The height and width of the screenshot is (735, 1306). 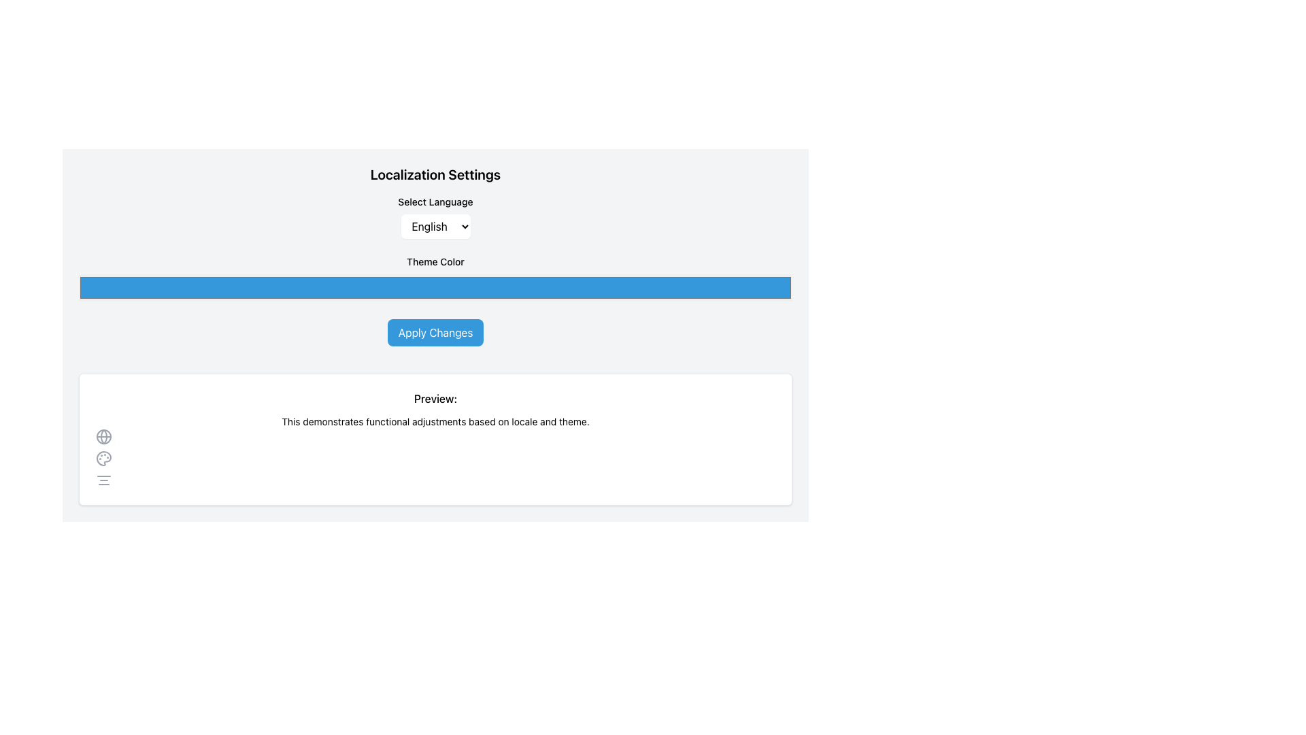 What do you see at coordinates (435, 202) in the screenshot?
I see `the 'Select Language' text label, which is styled in a smaller font size and positioned at the top of a form section, directly above the corresponding dropdown input` at bounding box center [435, 202].